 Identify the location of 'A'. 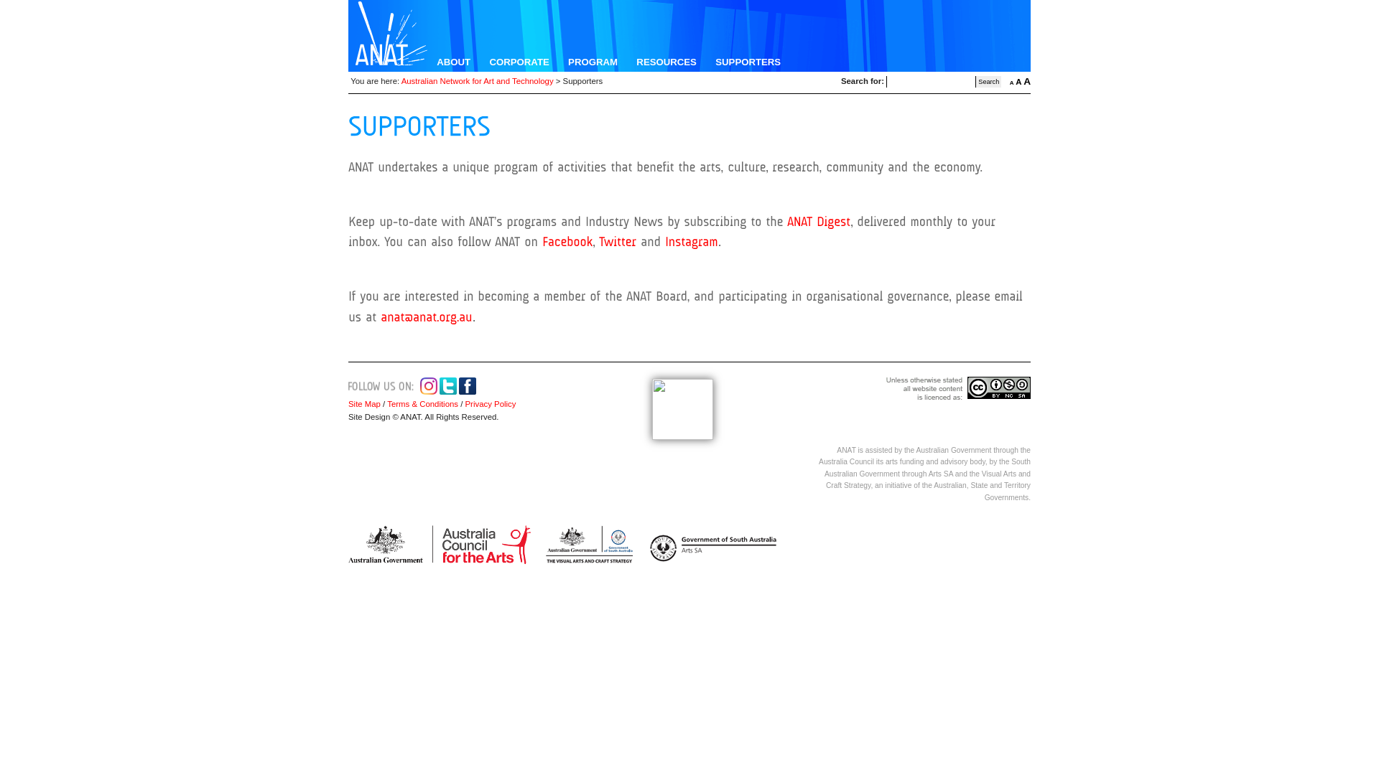
(1017, 82).